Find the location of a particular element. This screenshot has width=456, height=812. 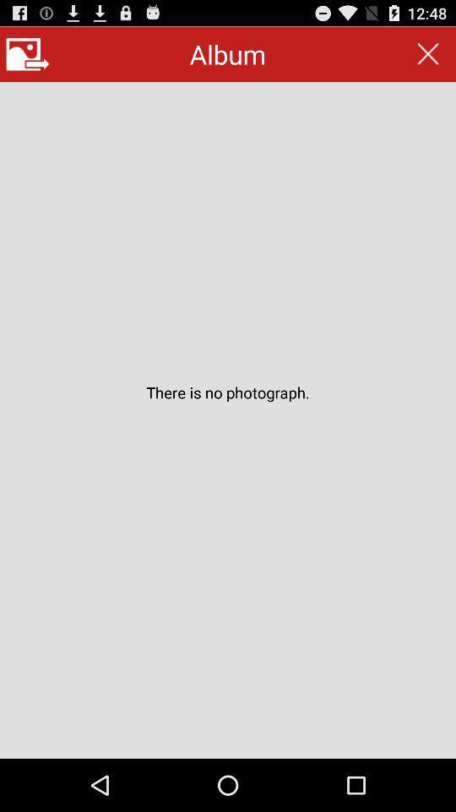

the icon to the left of the album is located at coordinates (26, 54).